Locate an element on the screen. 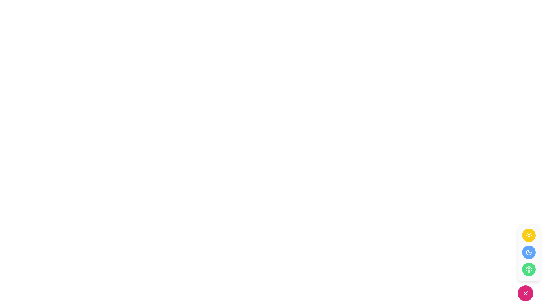  the second circular button with a crescent moon icon, highlighted in blue, within the vertically arranged layout of buttons is located at coordinates (529, 252).